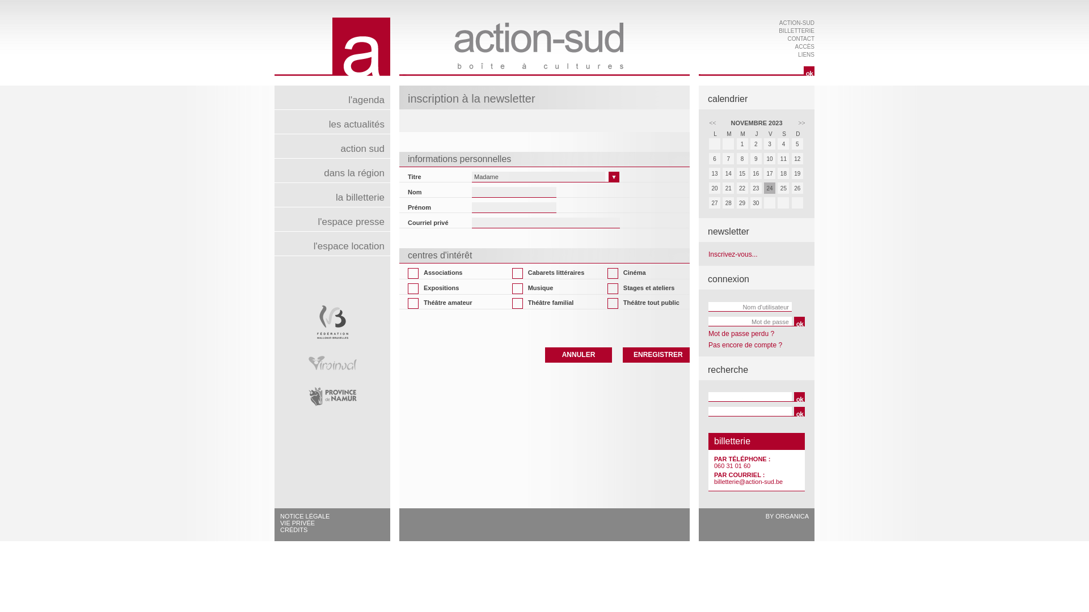  Describe the element at coordinates (797, 173) in the screenshot. I see `'19'` at that location.